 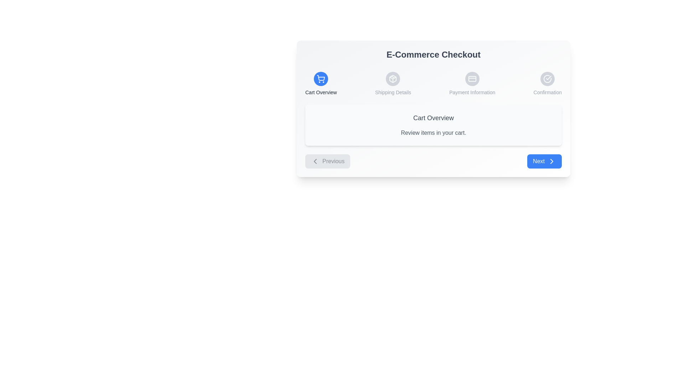 What do you see at coordinates (321, 92) in the screenshot?
I see `the 'Cart Overview' text label, which is styled in gray and located beneath a circular shopping cart icon` at bounding box center [321, 92].